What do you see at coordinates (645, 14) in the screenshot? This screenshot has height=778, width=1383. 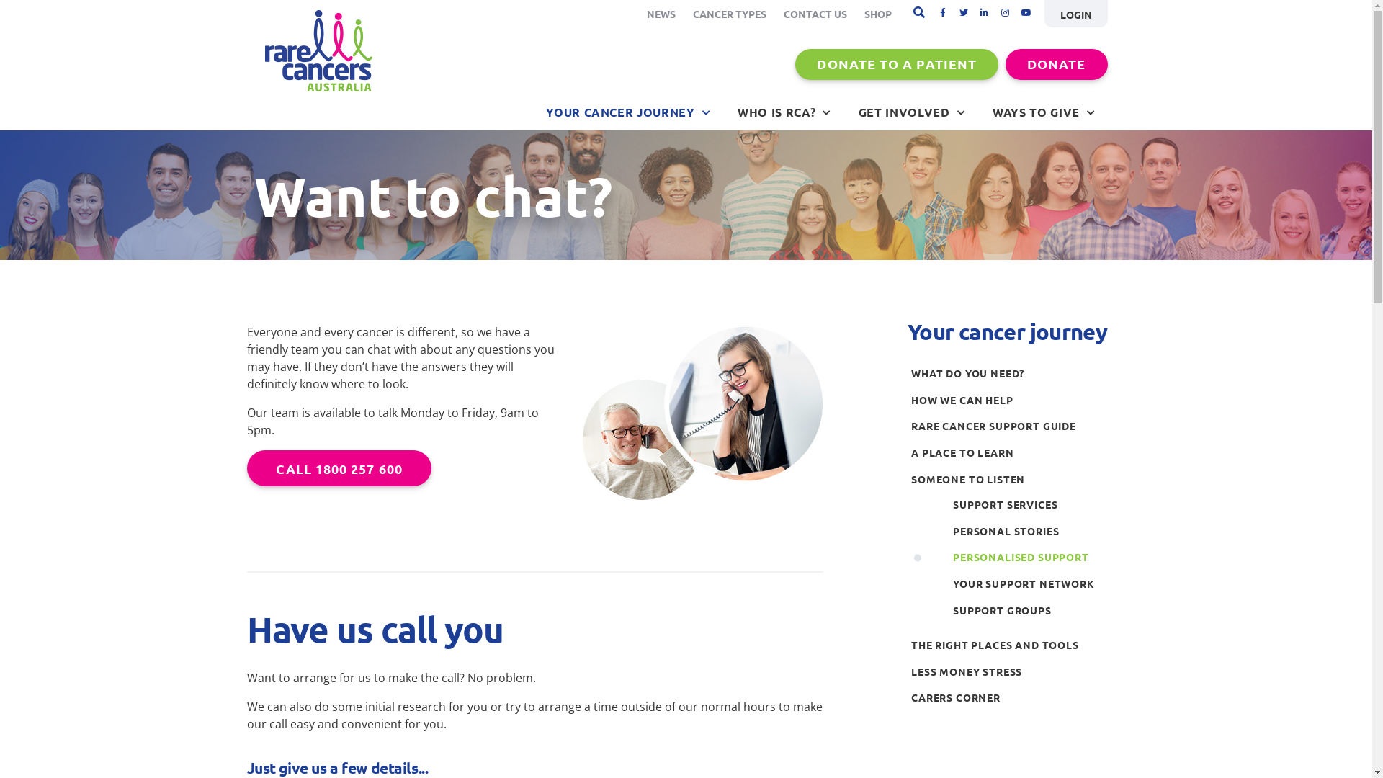 I see `'NEWS'` at bounding box center [645, 14].